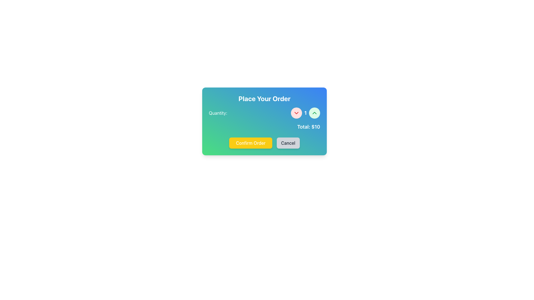 The width and height of the screenshot is (534, 300). Describe the element at coordinates (305, 113) in the screenshot. I see `the white number '1' displayed in bold, large font within the vibrant UI card that has a 'Place Your Order' header` at that location.